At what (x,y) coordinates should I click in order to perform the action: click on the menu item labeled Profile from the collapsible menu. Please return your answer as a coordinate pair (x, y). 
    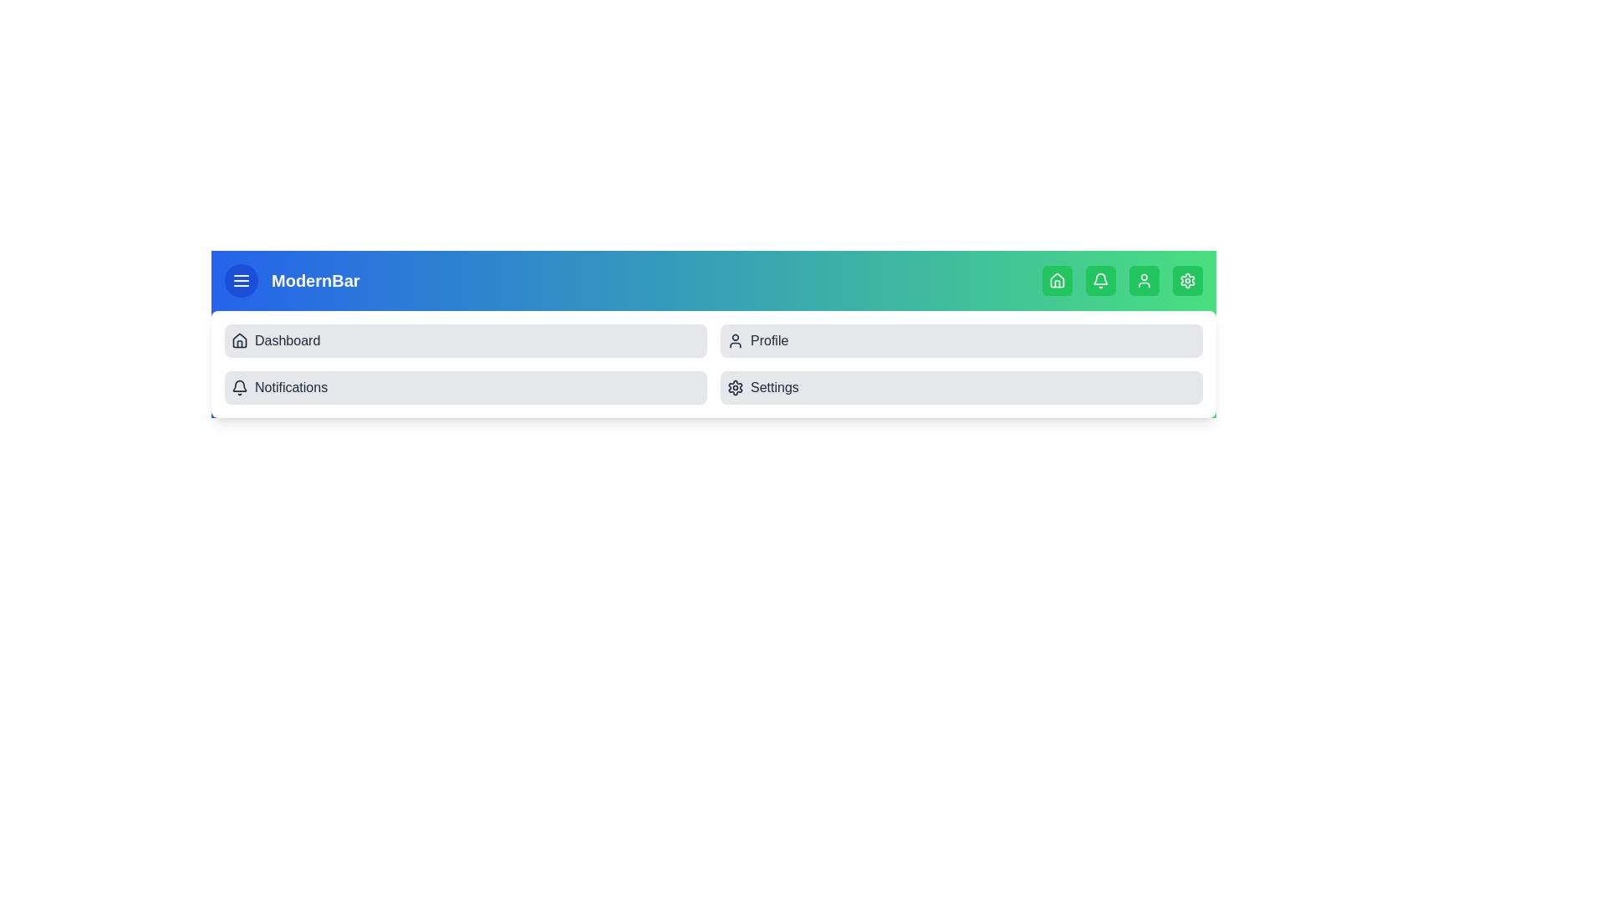
    Looking at the image, I should click on (961, 340).